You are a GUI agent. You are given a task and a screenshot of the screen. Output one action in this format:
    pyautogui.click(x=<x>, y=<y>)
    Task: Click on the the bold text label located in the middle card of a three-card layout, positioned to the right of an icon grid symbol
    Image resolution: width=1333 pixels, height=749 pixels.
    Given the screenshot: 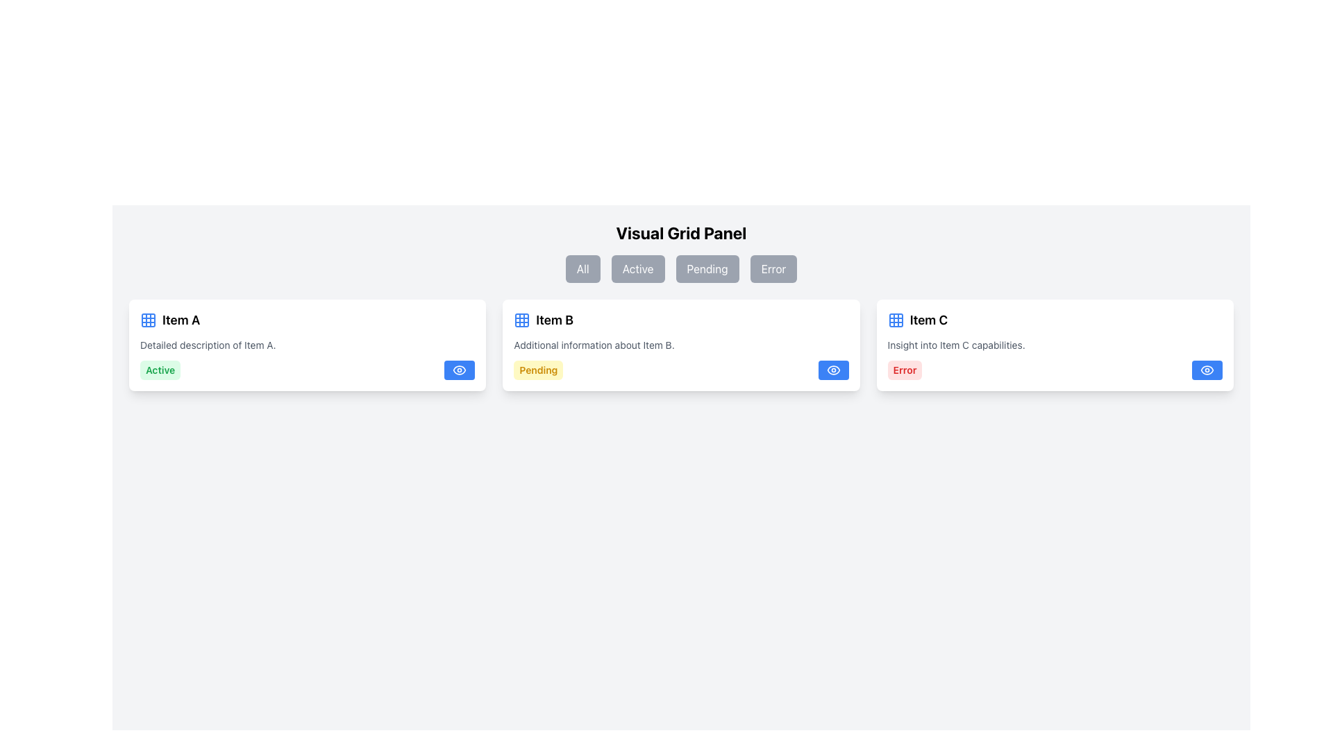 What is the action you would take?
    pyautogui.click(x=554, y=320)
    